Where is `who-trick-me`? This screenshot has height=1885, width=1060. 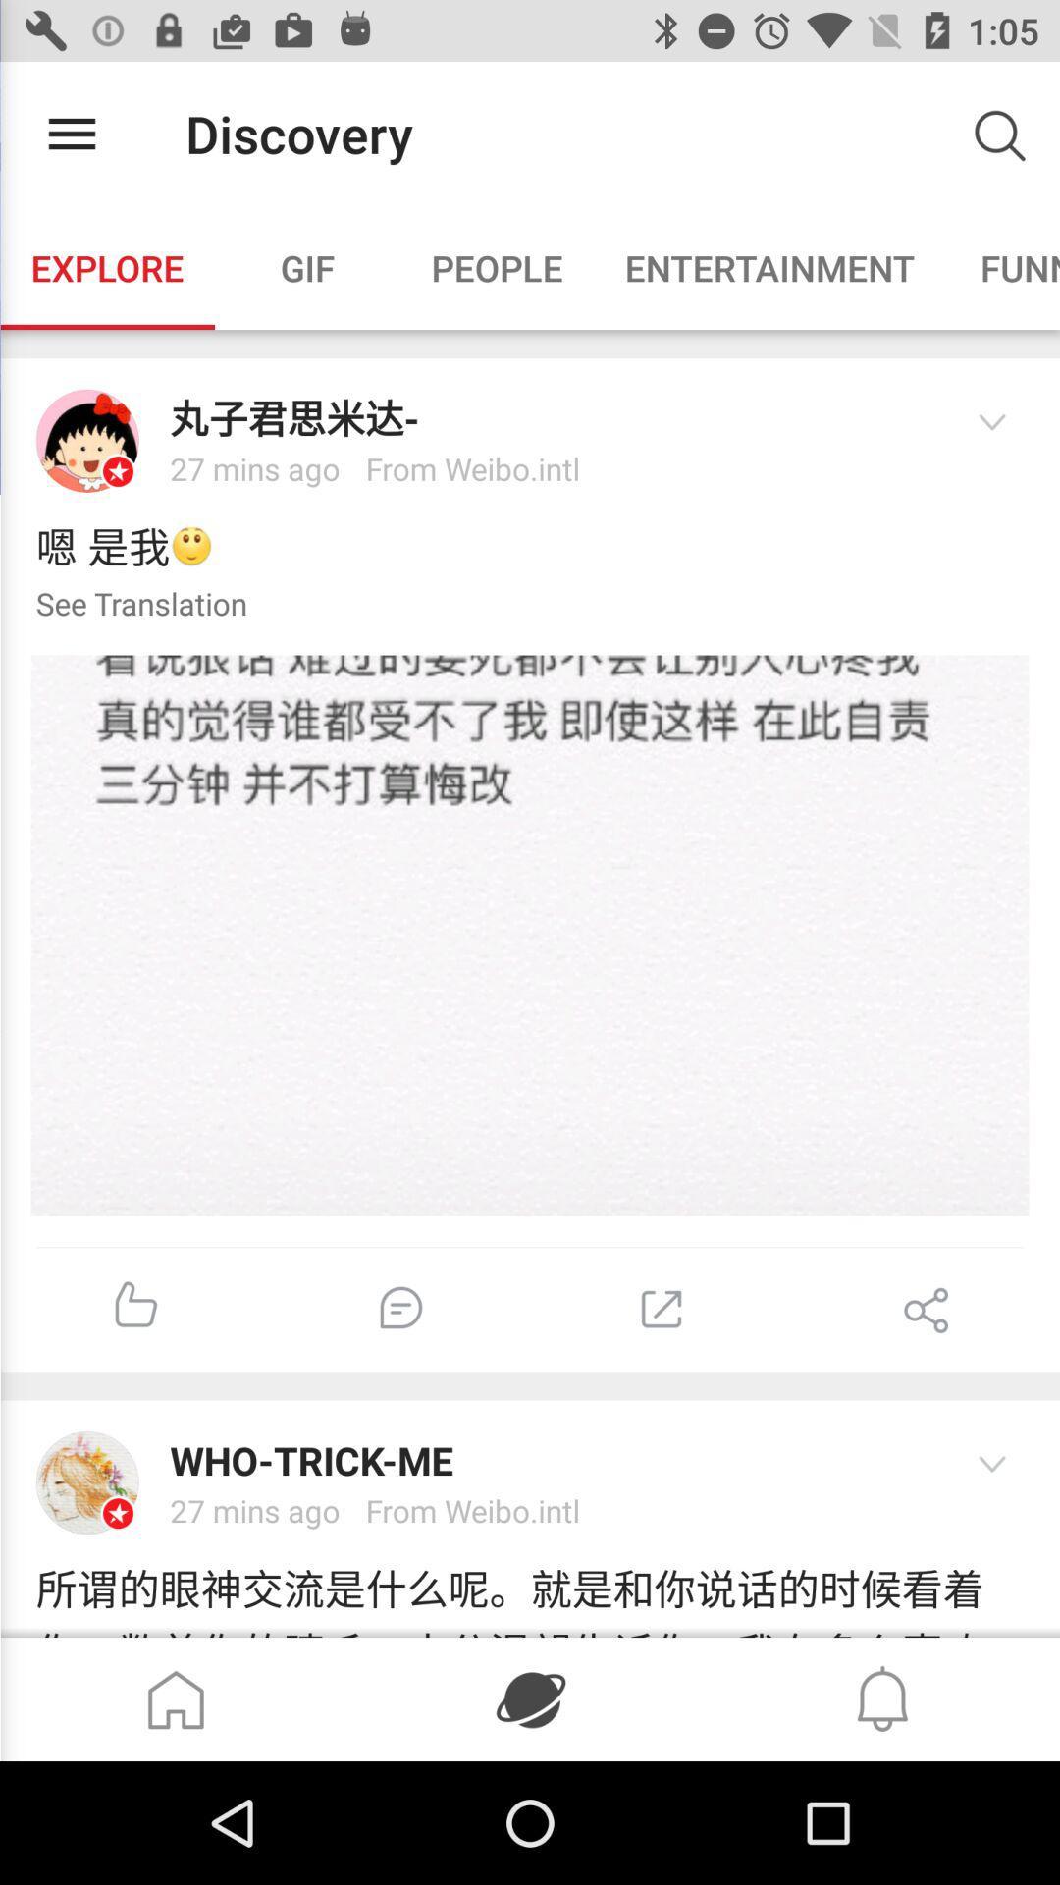
who-trick-me is located at coordinates (550, 1460).